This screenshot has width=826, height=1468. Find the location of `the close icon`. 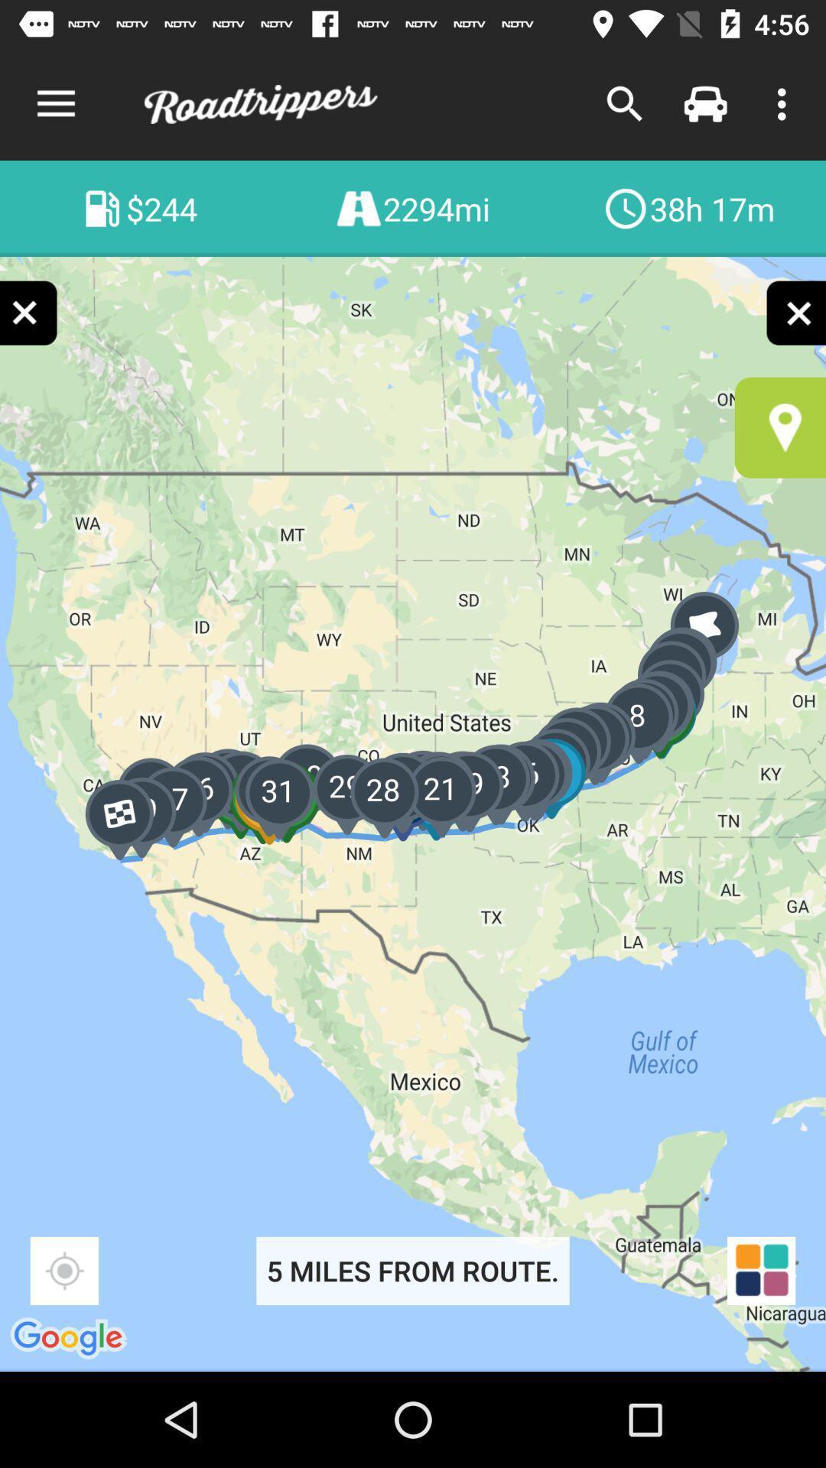

the close icon is located at coordinates (29, 312).